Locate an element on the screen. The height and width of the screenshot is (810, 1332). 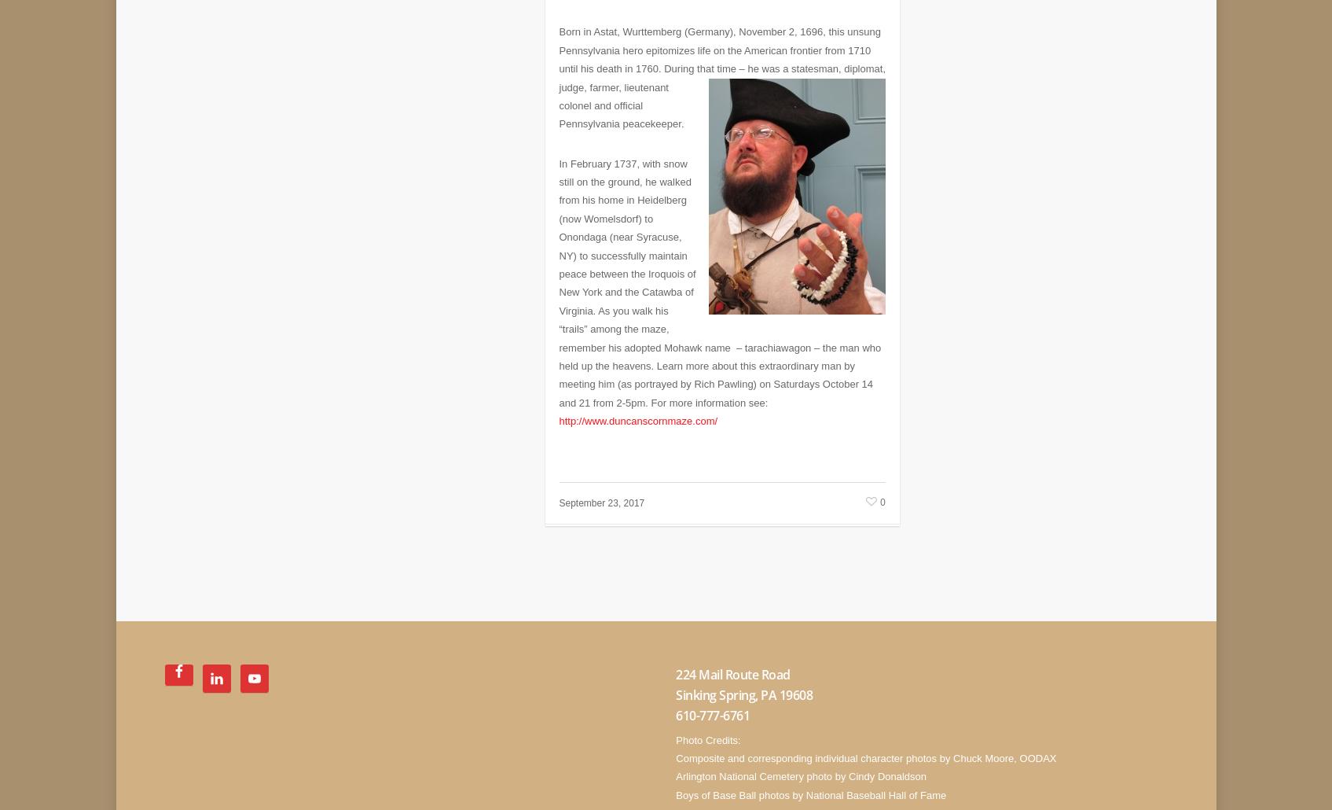
'In February 1737, with snow still on the ground, he walked  from his home in Heidelberg (now Womelsdorf) to Onondaga (near Syracuse, NY) to successfully maintain peace between the Iroquois of New York and the Catawba of Virginia. As you walk his “trails” among the maze, remember his adopted Mohawk name  – tarachiawagon – the man who held up the heavens. Learn more about this extraordinary man by meeting him (as portrayed by Rich Pawling) on Saturdays October 14 and 21 from 2-5pm. For more information see:' is located at coordinates (719, 271).